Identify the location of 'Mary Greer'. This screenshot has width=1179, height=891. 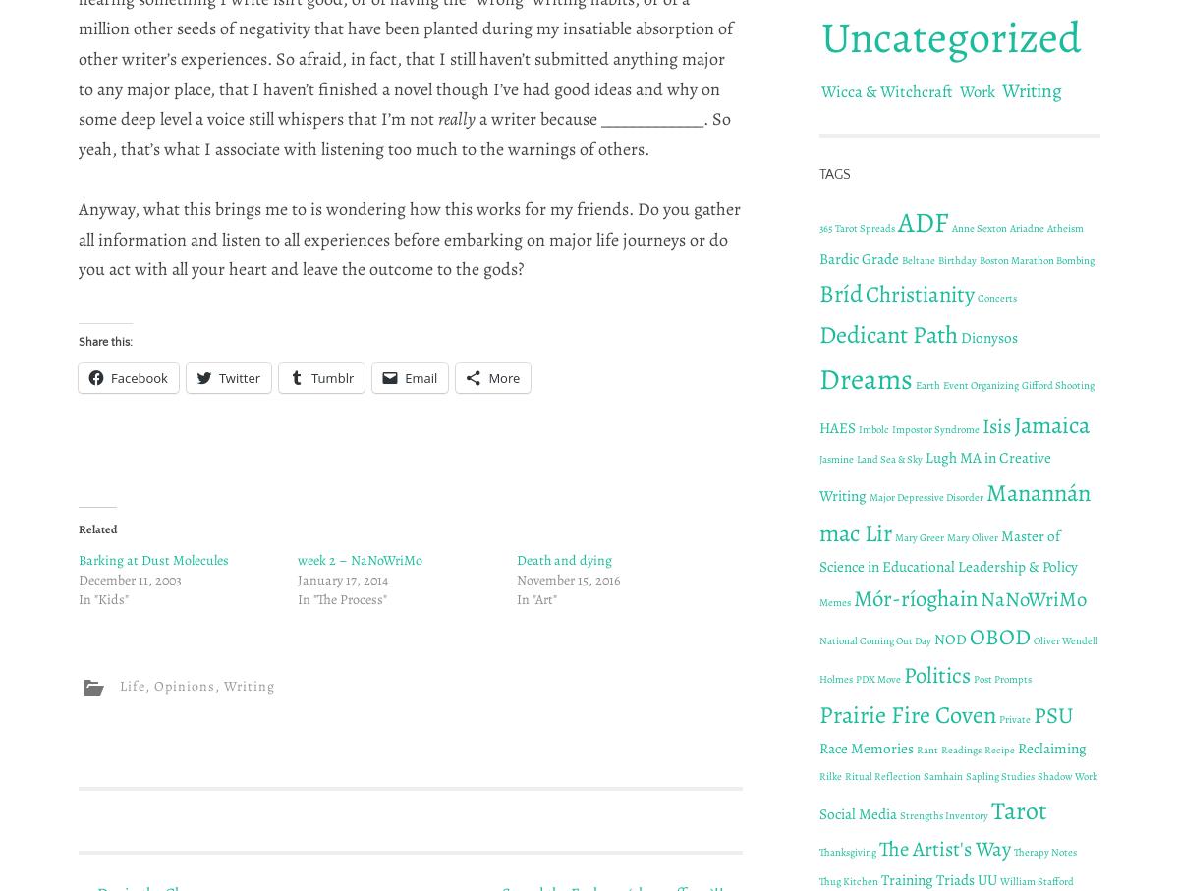
(920, 537).